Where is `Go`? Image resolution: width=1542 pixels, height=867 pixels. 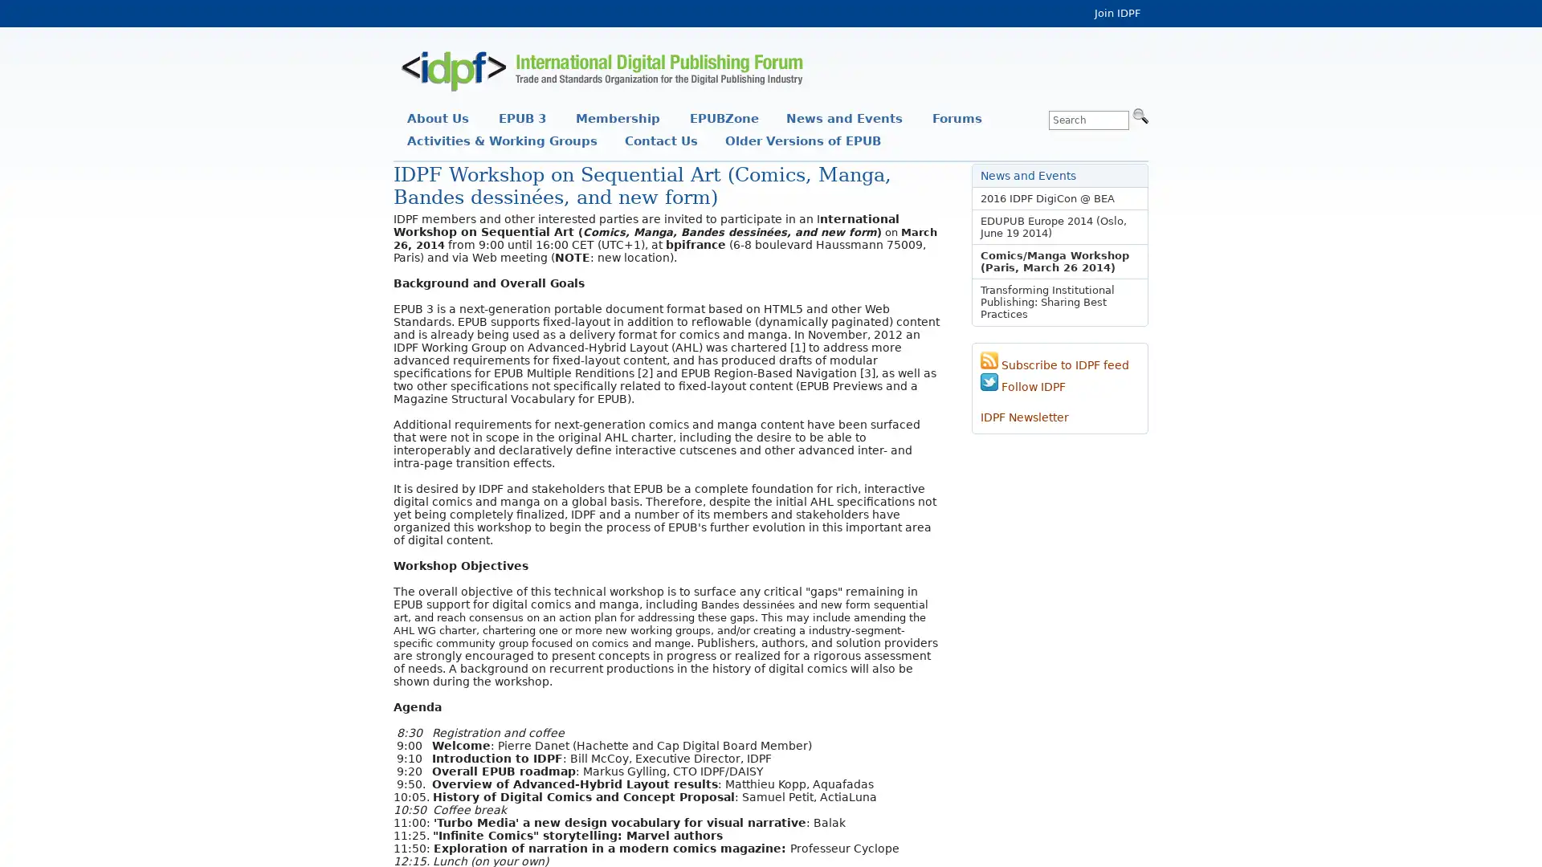
Go is located at coordinates (1140, 114).